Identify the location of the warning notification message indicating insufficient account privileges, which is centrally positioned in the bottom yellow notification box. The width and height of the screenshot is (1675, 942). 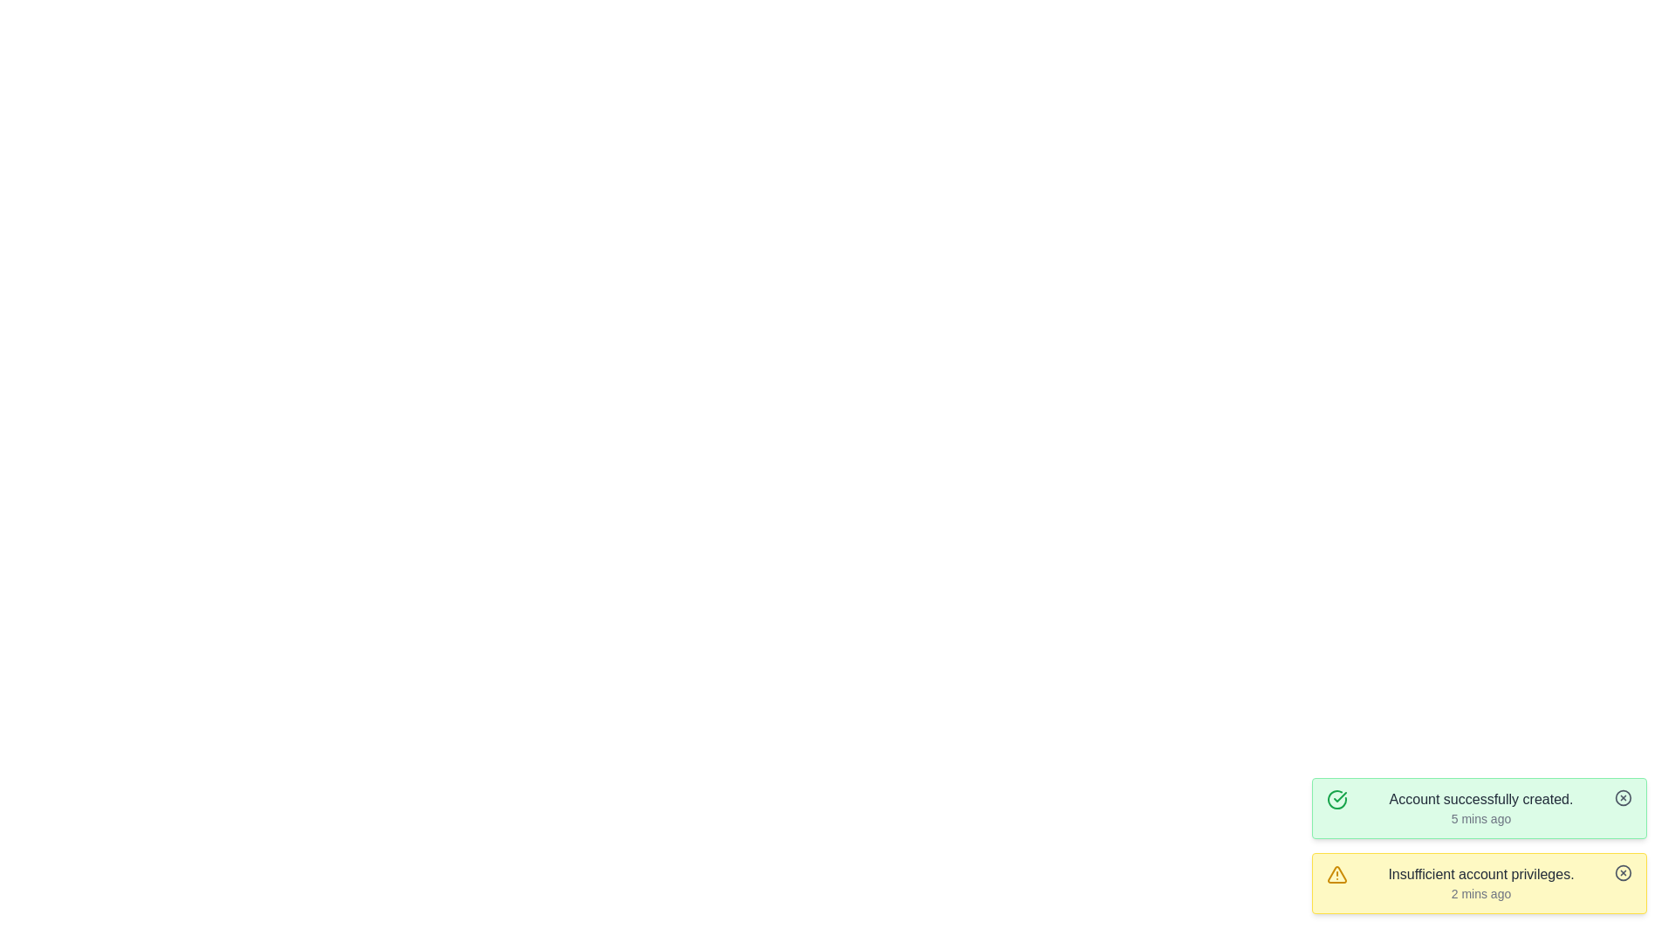
(1480, 884).